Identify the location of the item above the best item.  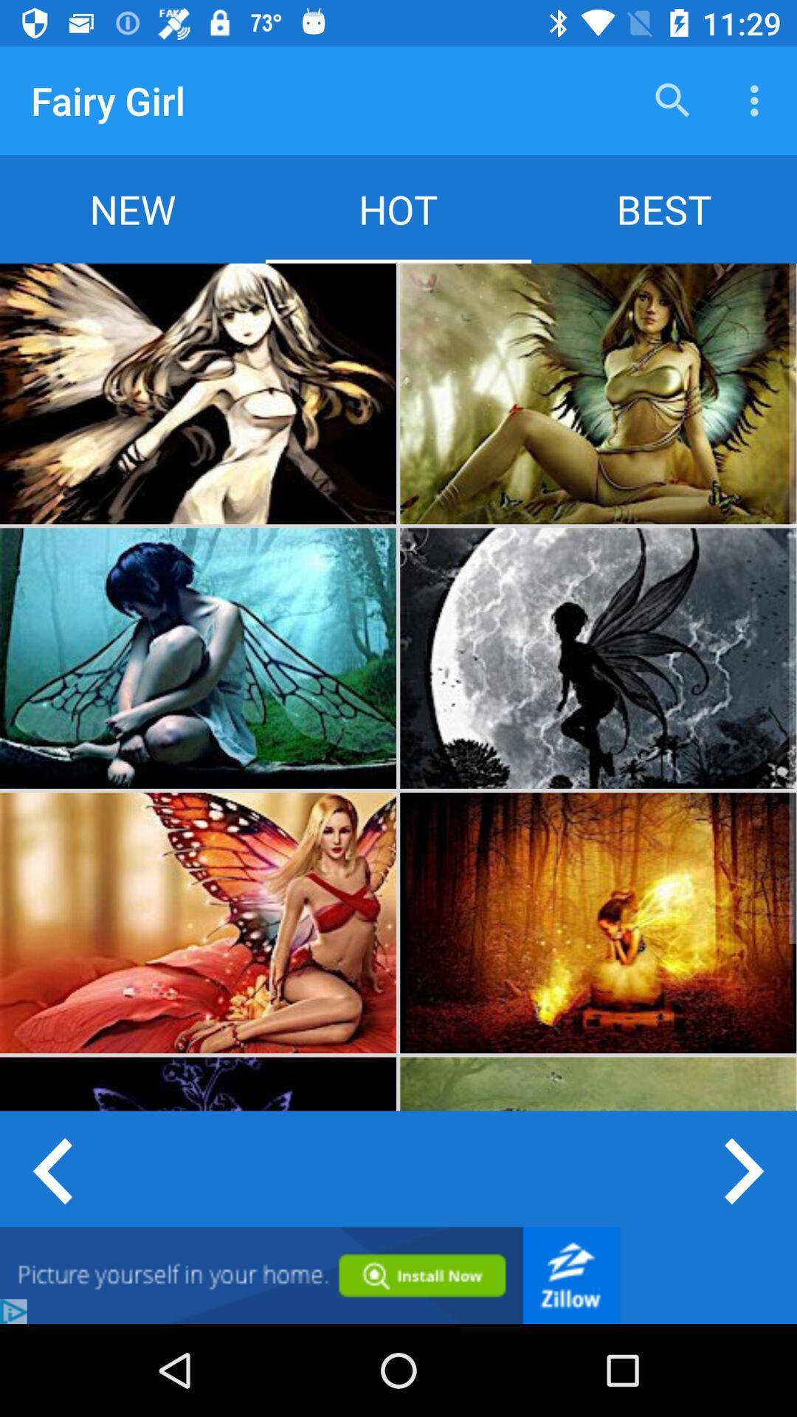
(758, 100).